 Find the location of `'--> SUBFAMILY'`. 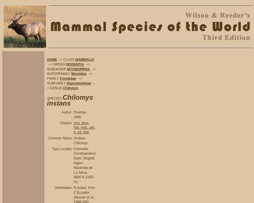

'--> SUBFAMILY' is located at coordinates (64, 81).